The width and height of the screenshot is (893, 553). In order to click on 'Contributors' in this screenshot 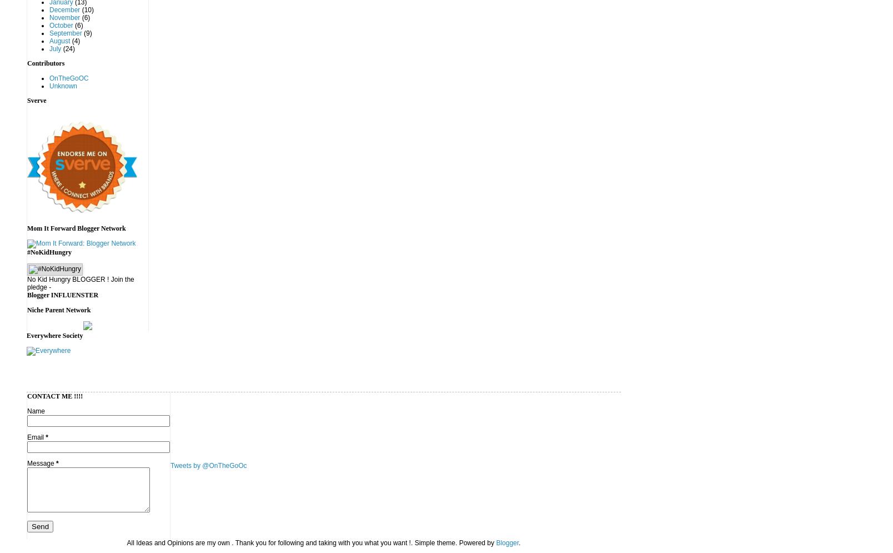, I will do `click(27, 63)`.